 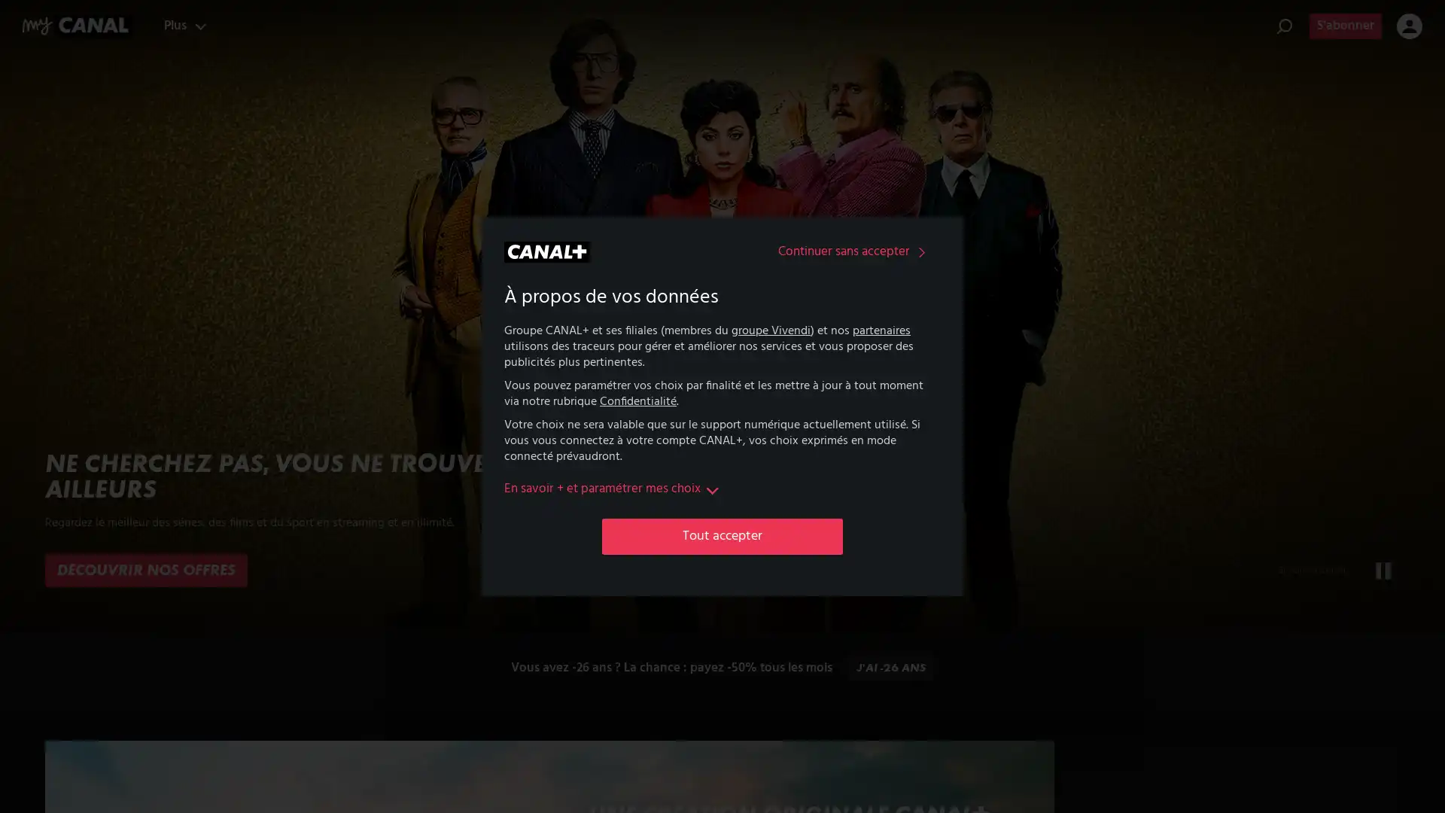 I want to click on Rechercher, so click(x=1284, y=26).